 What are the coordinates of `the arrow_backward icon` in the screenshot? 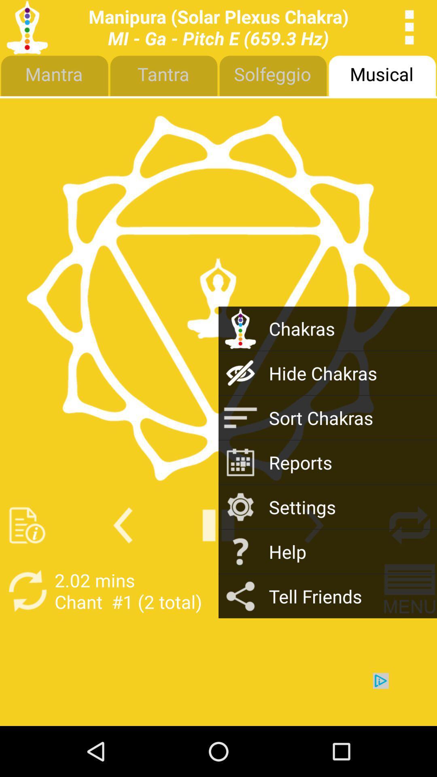 It's located at (123, 562).